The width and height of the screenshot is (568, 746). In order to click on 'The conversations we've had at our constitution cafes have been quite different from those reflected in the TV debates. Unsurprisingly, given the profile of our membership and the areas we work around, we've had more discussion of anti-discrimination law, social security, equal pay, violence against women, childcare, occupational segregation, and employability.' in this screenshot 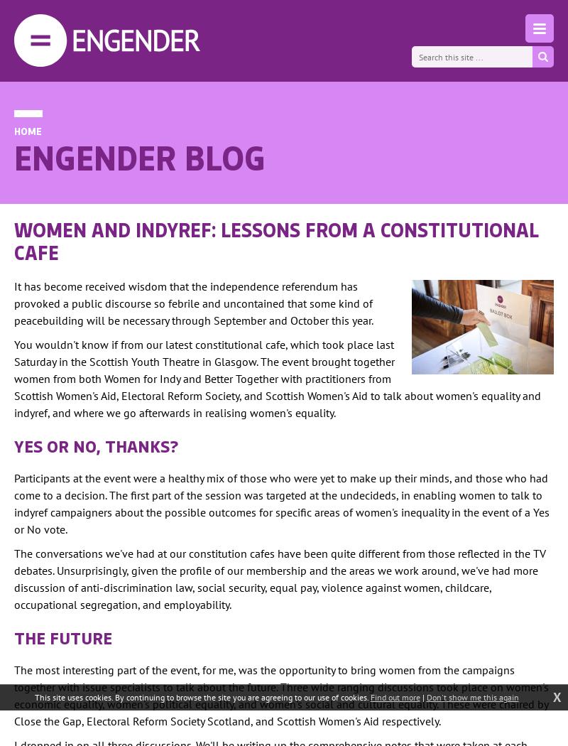, I will do `click(279, 578)`.